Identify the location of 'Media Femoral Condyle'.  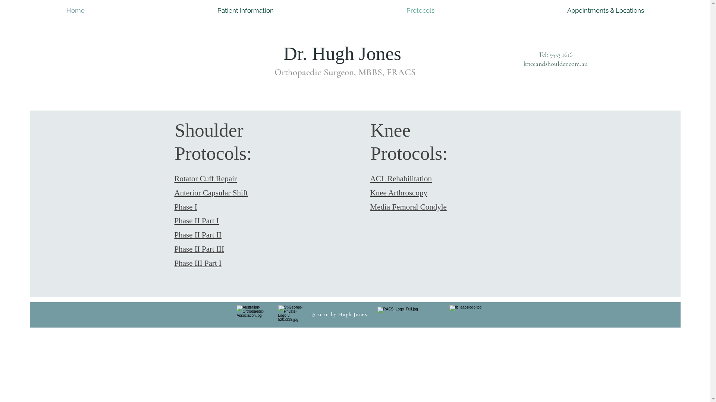
(408, 207).